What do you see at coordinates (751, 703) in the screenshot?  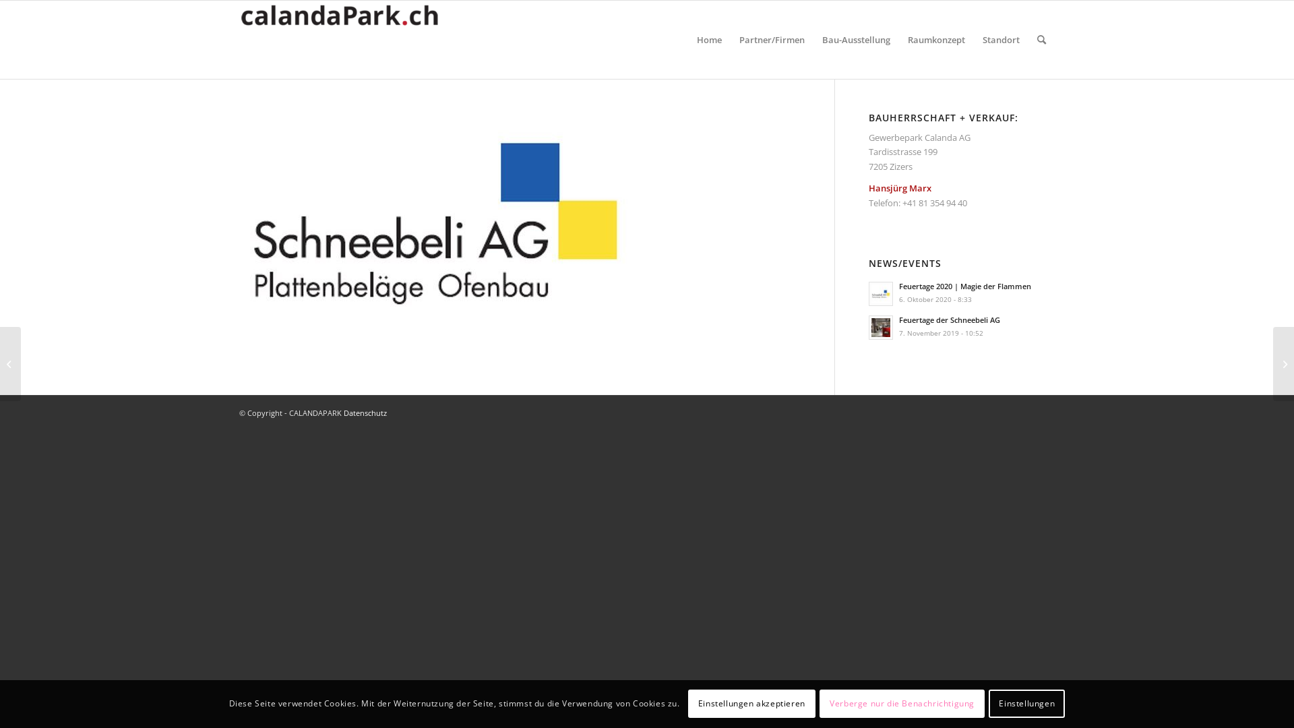 I see `'Einstellungen akzeptieren'` at bounding box center [751, 703].